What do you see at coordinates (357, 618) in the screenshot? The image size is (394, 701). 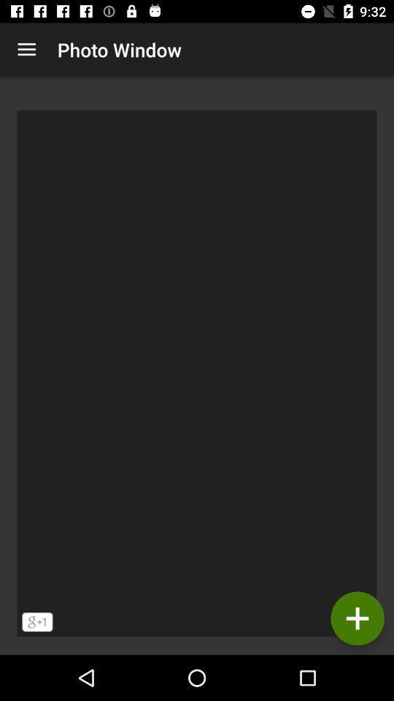 I see `the add icon` at bounding box center [357, 618].